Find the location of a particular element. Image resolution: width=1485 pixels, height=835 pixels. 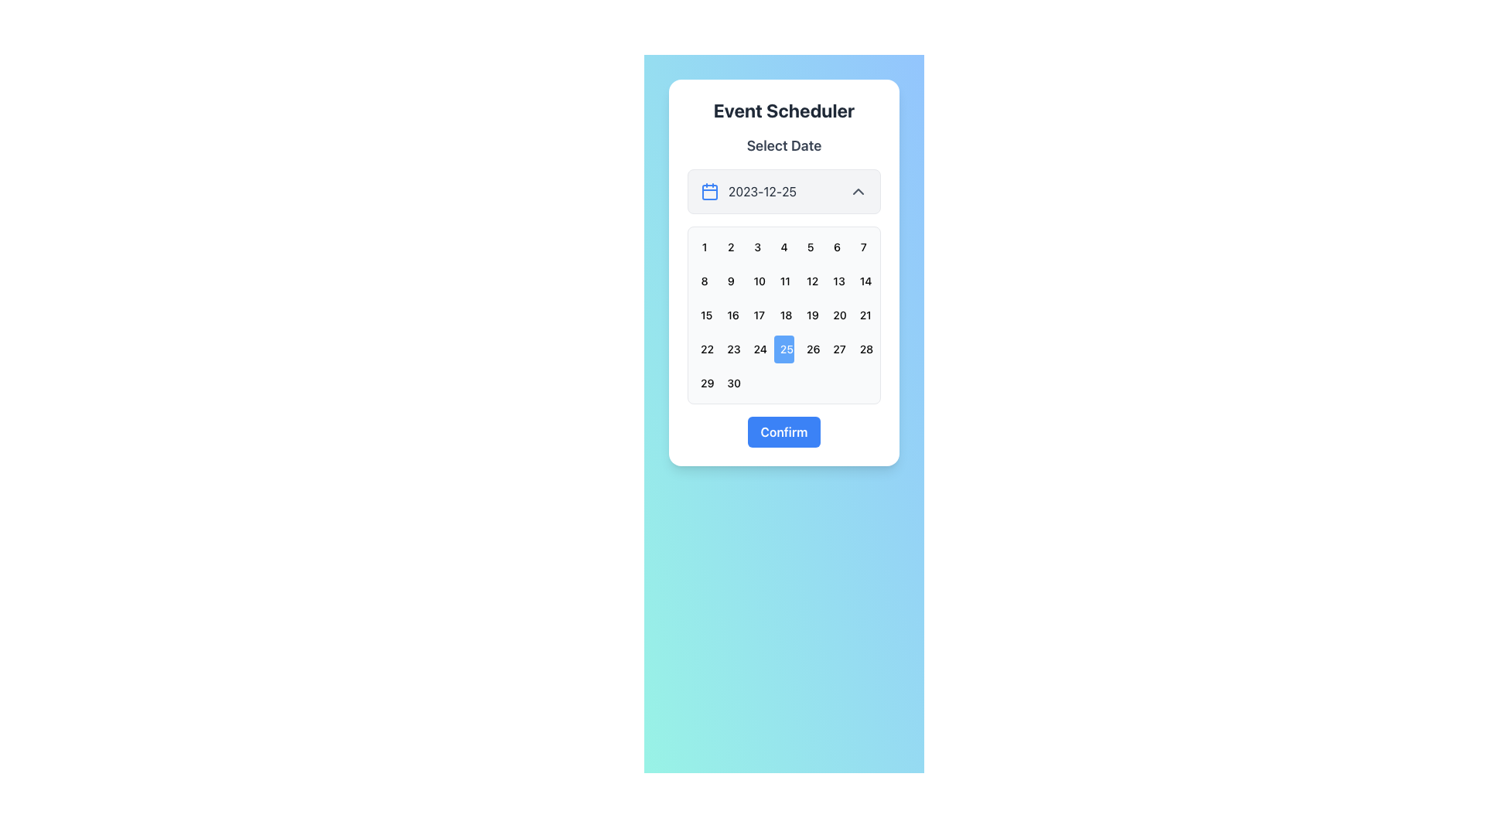

the button displaying '15' in the third row, first column of the calendar grid is located at coordinates (704, 315).